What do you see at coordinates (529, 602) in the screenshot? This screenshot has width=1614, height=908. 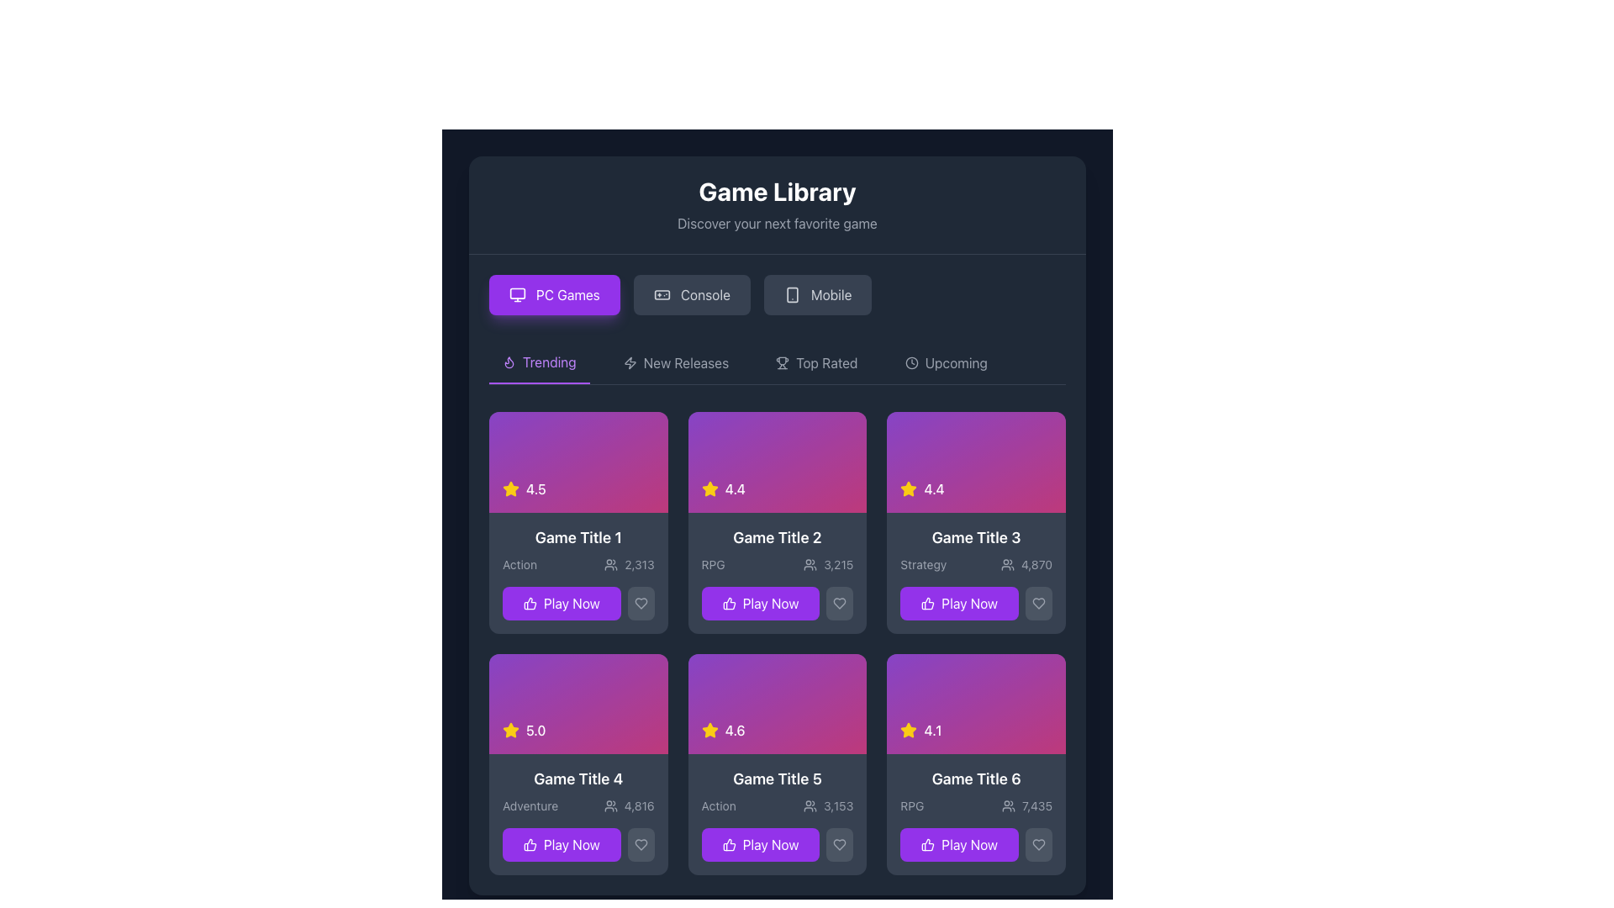 I see `the thumbs-up icon within the 'Play Now' button for 'Game Title 1' in the top-left section of the game grid` at bounding box center [529, 602].